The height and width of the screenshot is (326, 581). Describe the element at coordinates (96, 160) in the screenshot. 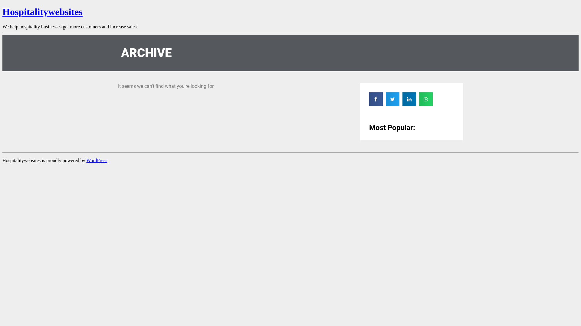

I see `'WordPress'` at that location.